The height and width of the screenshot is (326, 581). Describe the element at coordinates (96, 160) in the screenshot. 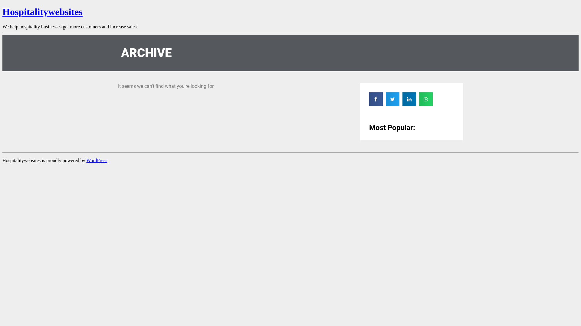

I see `'WordPress'` at that location.